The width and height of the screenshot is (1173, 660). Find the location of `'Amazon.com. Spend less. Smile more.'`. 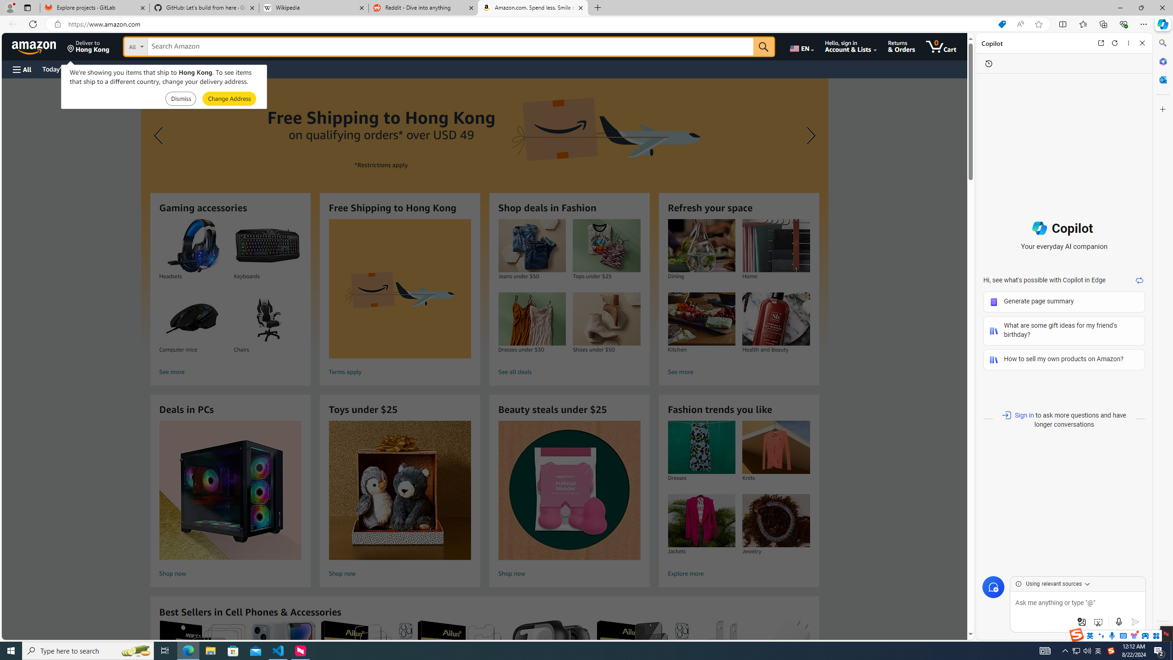

'Amazon.com. Spend less. Smile more.' is located at coordinates (532, 7).